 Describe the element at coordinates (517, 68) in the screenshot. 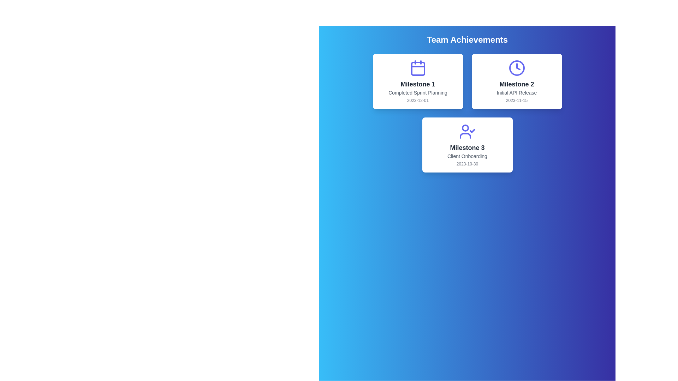

I see `the time icon located in the top-right corner of the 'Milestone 2' card, which visually represents a timestamp or schedule` at that location.